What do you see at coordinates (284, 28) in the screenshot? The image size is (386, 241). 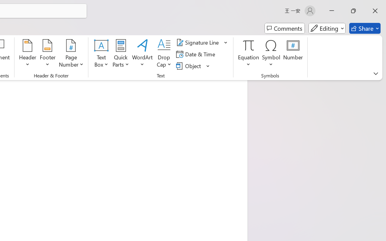 I see `'Comments'` at bounding box center [284, 28].